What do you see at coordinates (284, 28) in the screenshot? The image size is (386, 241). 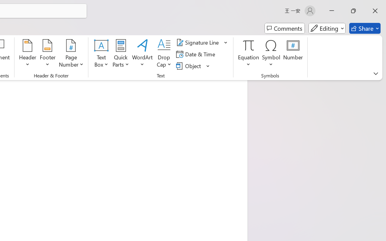 I see `'Comments'` at bounding box center [284, 28].